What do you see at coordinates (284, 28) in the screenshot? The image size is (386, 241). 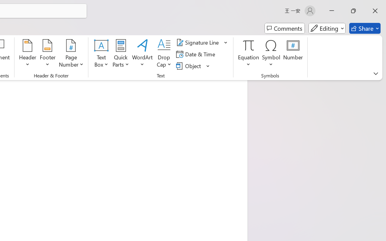 I see `'Comments'` at bounding box center [284, 28].